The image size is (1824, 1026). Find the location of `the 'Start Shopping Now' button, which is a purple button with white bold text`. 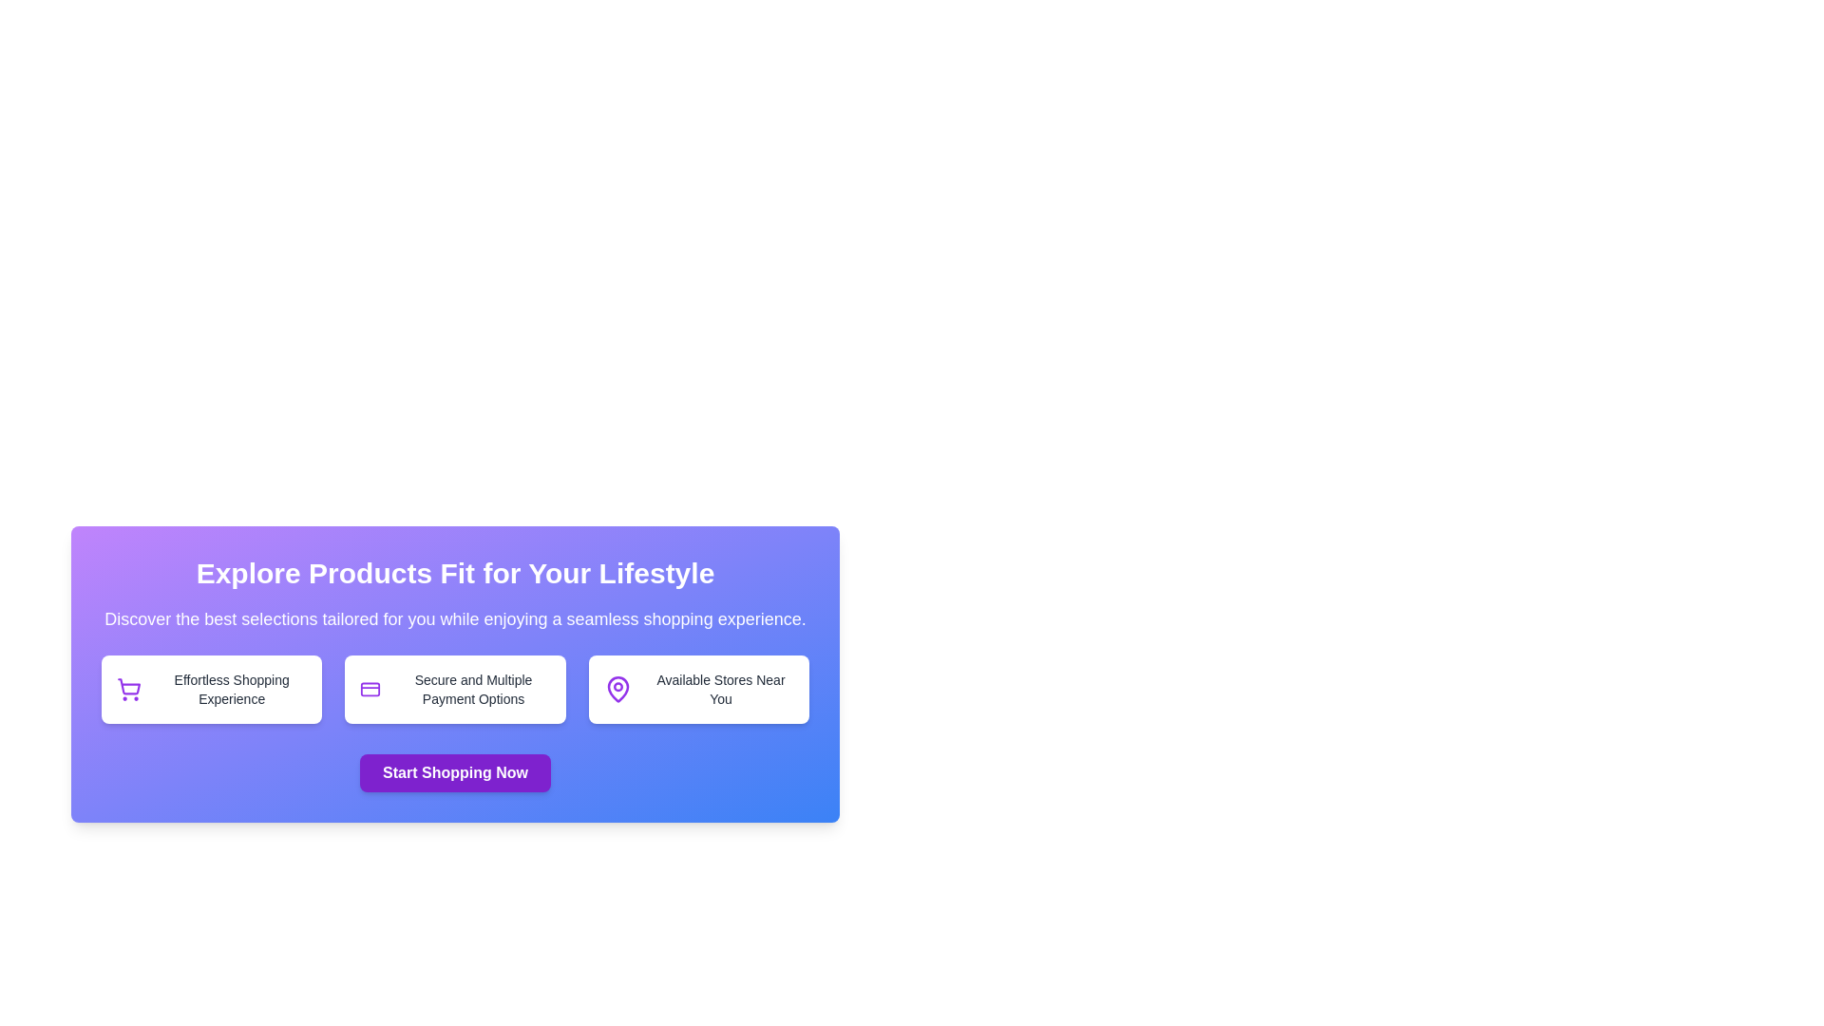

the 'Start Shopping Now' button, which is a purple button with white bold text is located at coordinates (454, 772).